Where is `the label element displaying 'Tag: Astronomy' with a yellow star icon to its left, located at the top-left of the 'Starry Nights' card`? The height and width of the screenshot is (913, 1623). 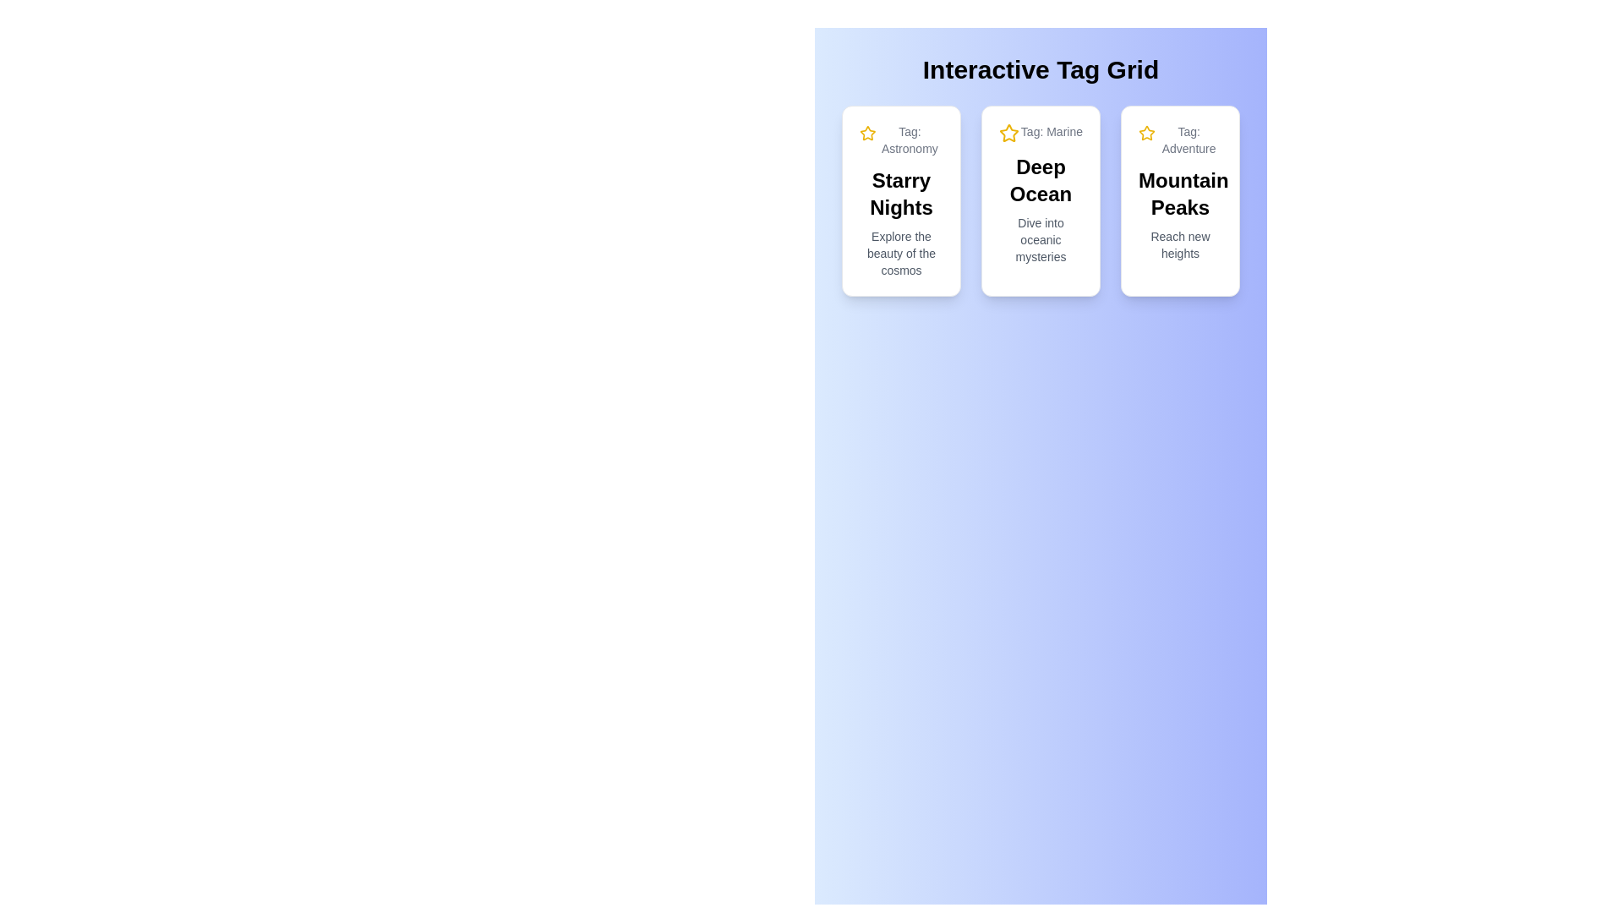
the label element displaying 'Tag: Astronomy' with a yellow star icon to its left, located at the top-left of the 'Starry Nights' card is located at coordinates (900, 139).